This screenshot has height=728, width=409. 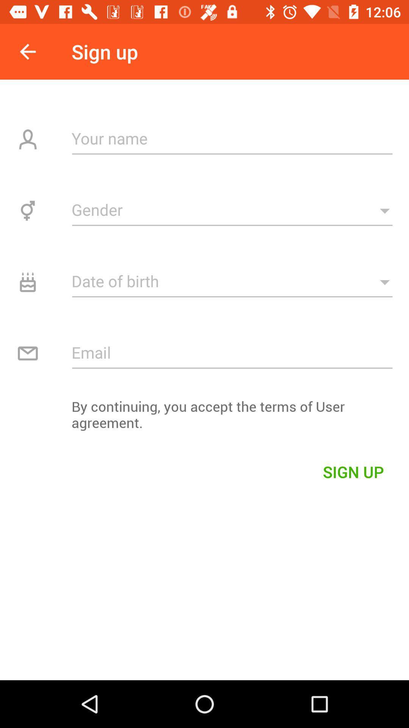 What do you see at coordinates (232, 138) in the screenshot?
I see `your name` at bounding box center [232, 138].